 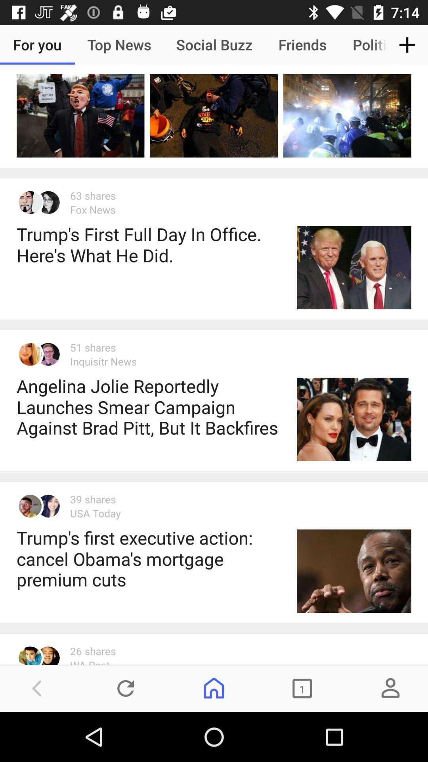 What do you see at coordinates (407, 44) in the screenshot?
I see `icon next to politics item` at bounding box center [407, 44].